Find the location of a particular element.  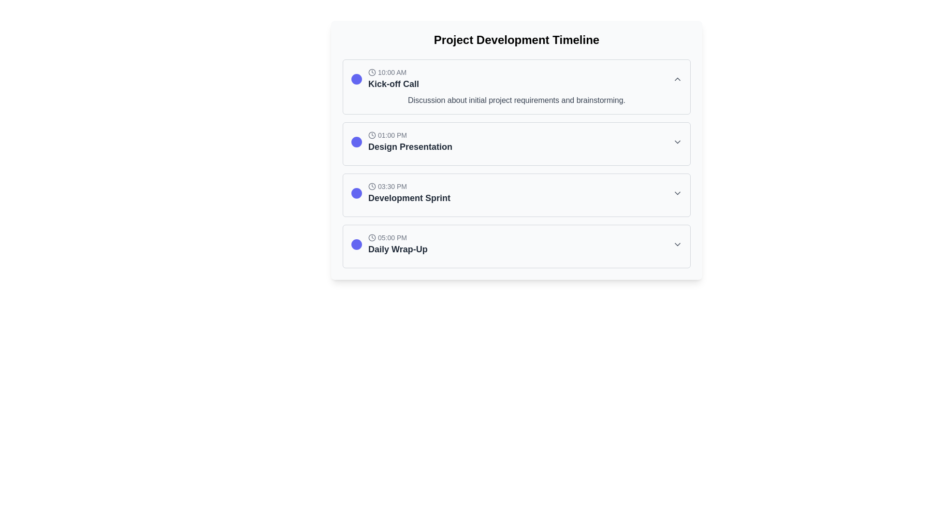

the third card representing the scheduled event 'Development Sprint' is located at coordinates (516, 195).